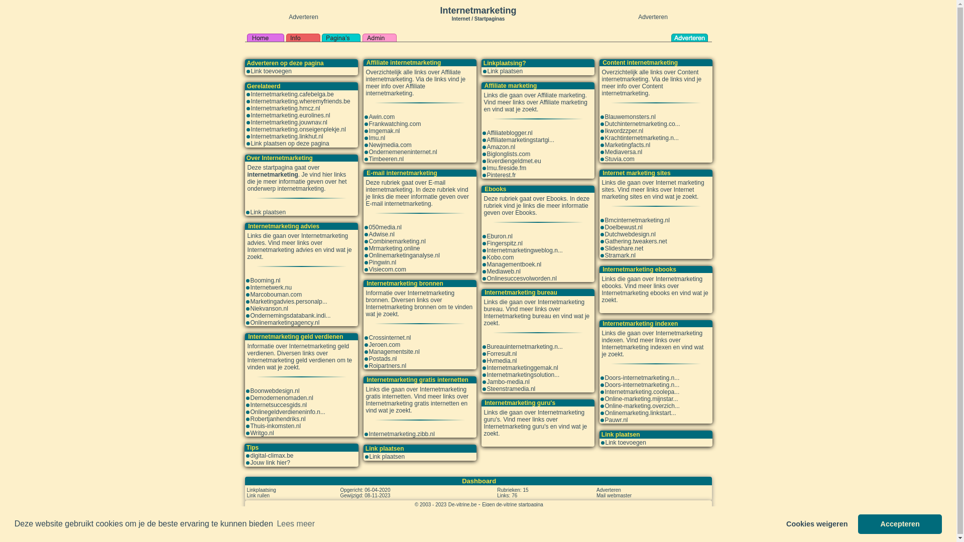 The image size is (964, 542). Describe the element at coordinates (487, 236) in the screenshot. I see `'Eburon.nl'` at that location.